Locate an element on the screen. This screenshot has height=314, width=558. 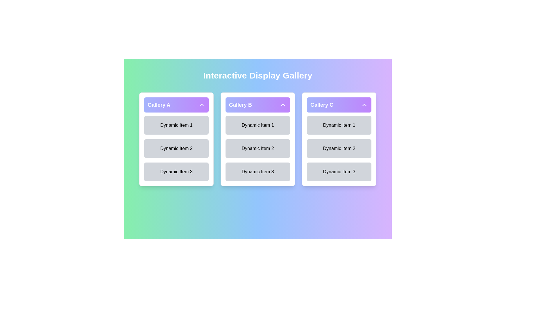
the static display item located in the Gallery C section, which is the second item in a vertical list of three, positioned between 'Dynamic Item 1' and 'Dynamic Item 3' is located at coordinates (339, 148).